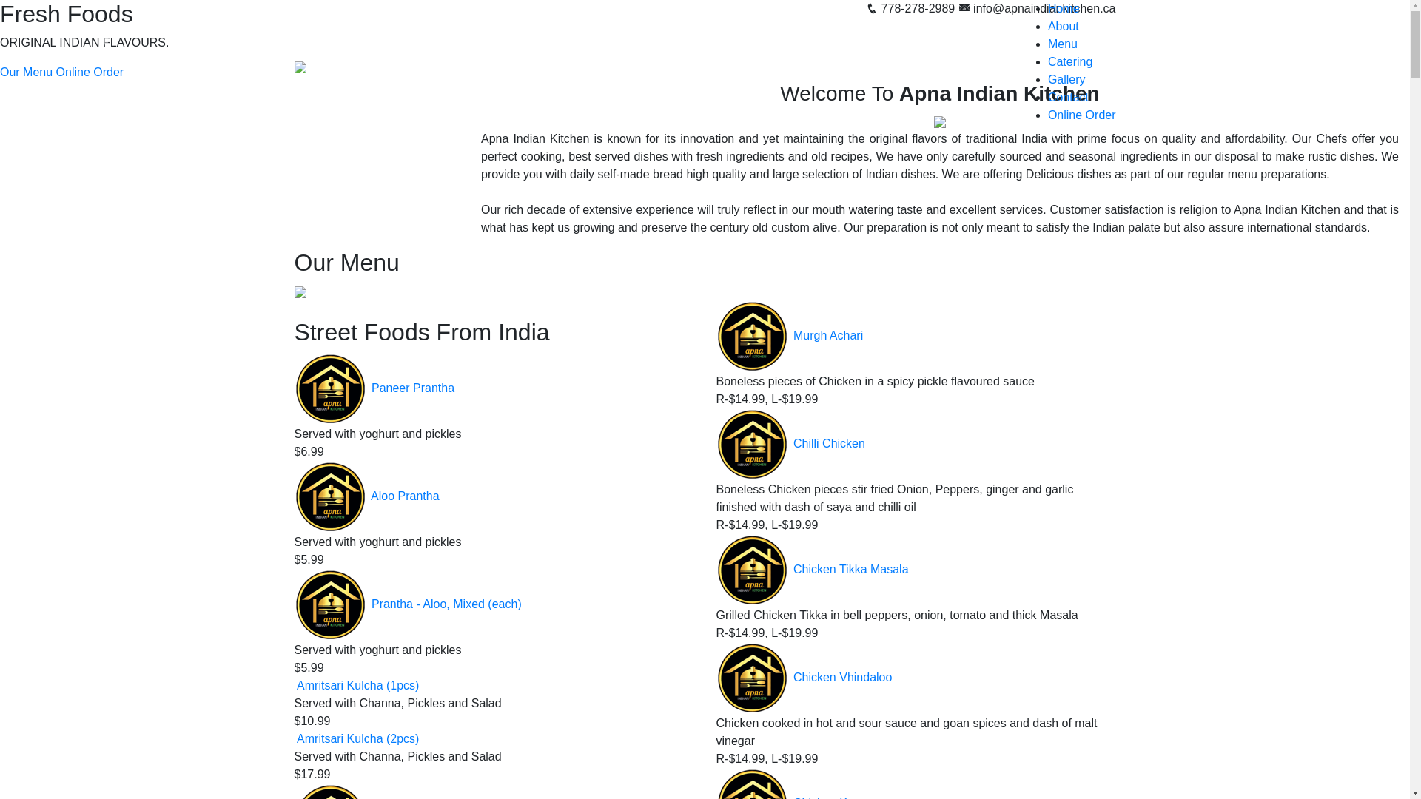  I want to click on 'Paneer Prantha', so click(412, 387).